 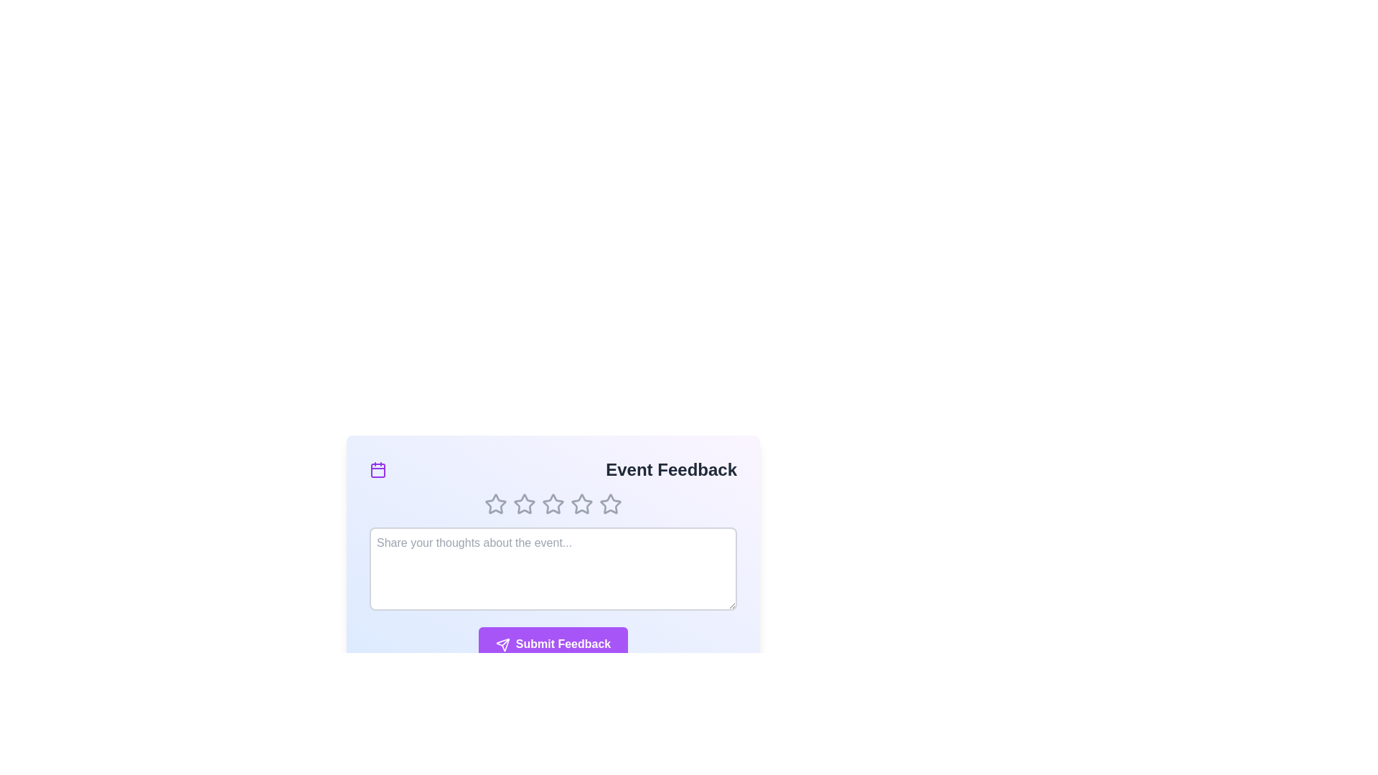 What do you see at coordinates (502, 644) in the screenshot?
I see `the symbolism of the paper plane icon located to the left of the 'Submit Feedback' button's text` at bounding box center [502, 644].